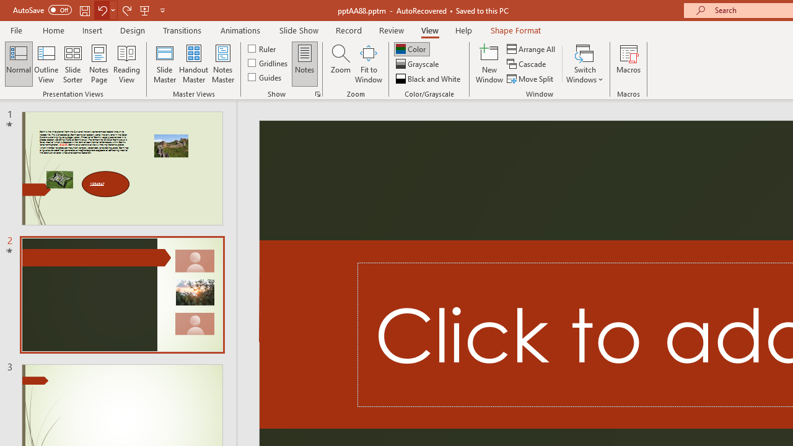 Image resolution: width=793 pixels, height=446 pixels. What do you see at coordinates (265, 77) in the screenshot?
I see `'Guides'` at bounding box center [265, 77].